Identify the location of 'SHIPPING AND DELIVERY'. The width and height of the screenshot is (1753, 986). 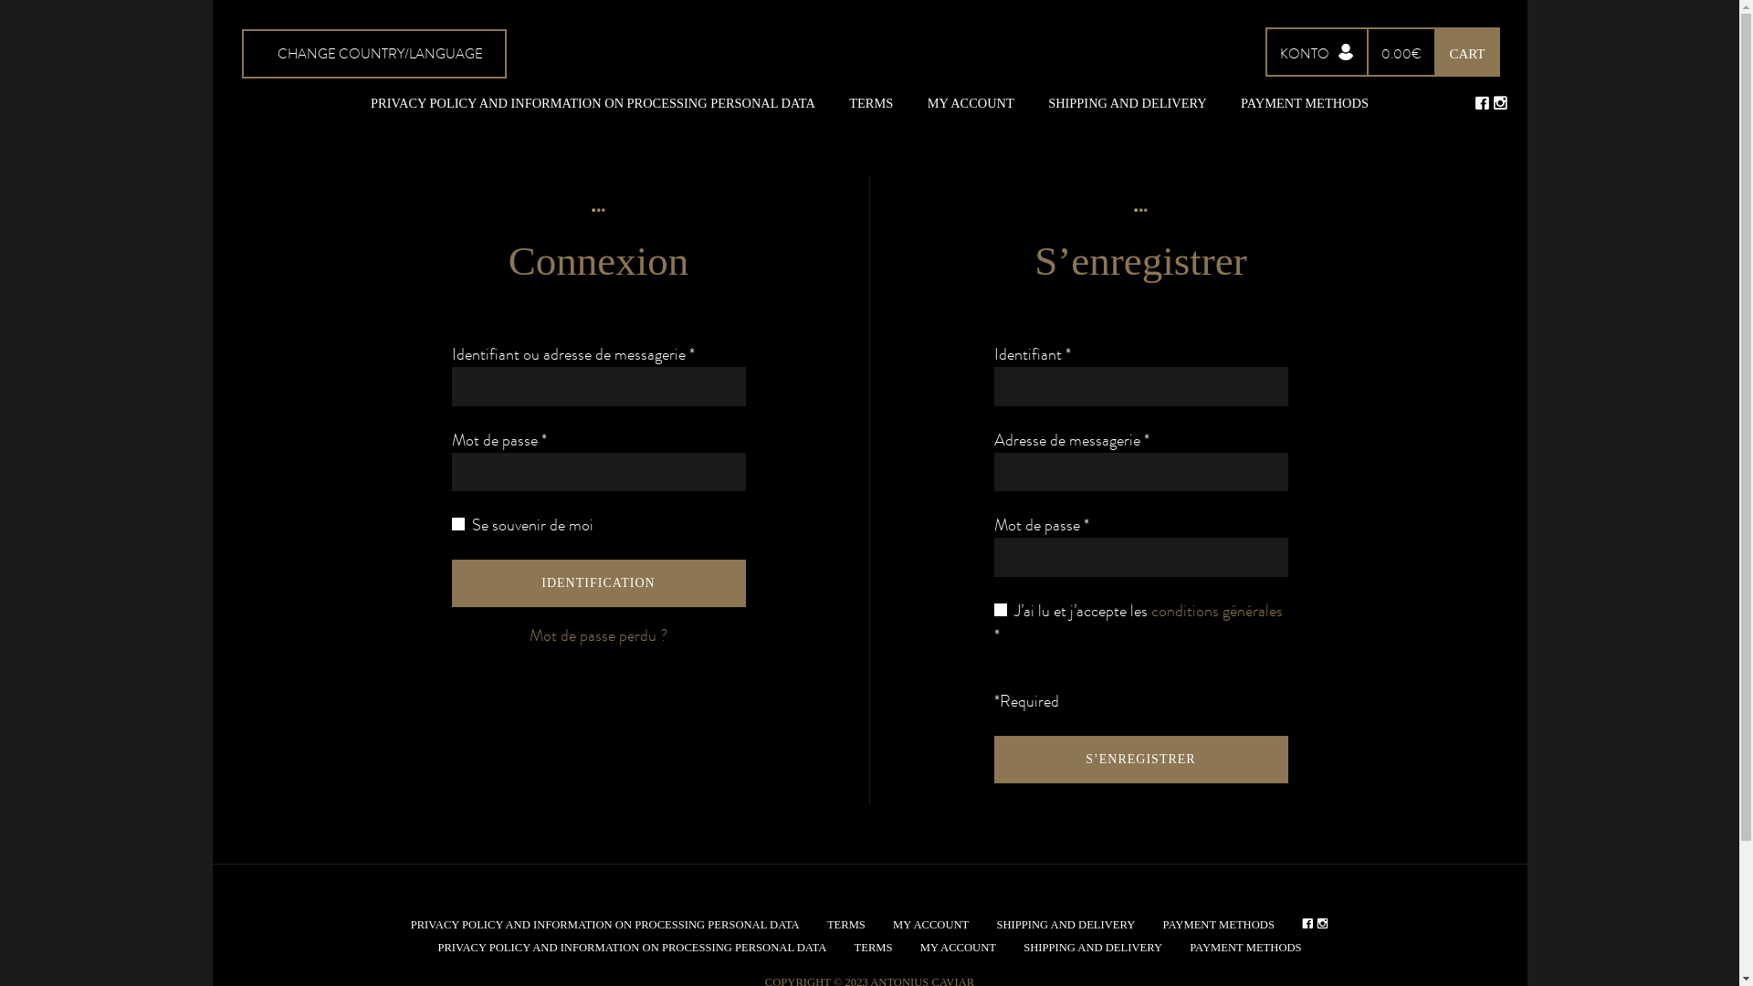
(1126, 102).